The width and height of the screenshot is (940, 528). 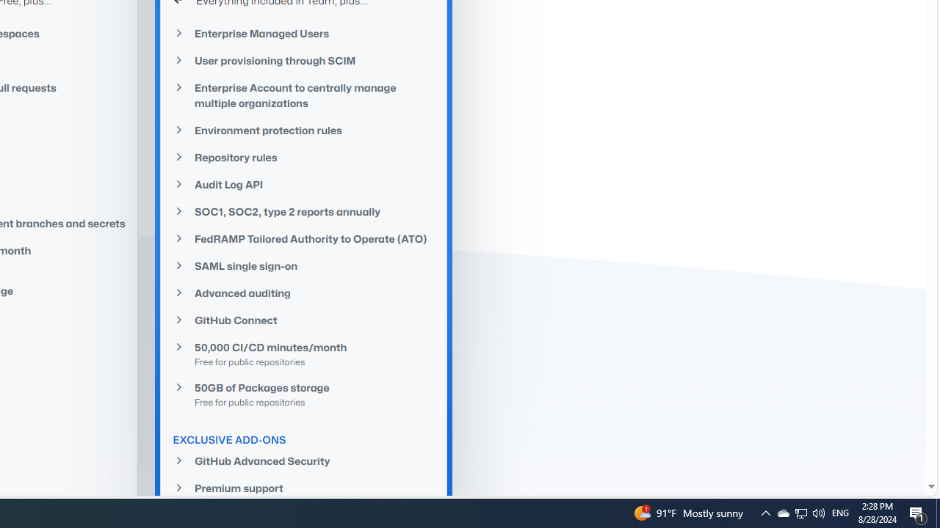 I want to click on 'FedRAMP Tailored Authority to Operate (ATO)', so click(x=303, y=238).